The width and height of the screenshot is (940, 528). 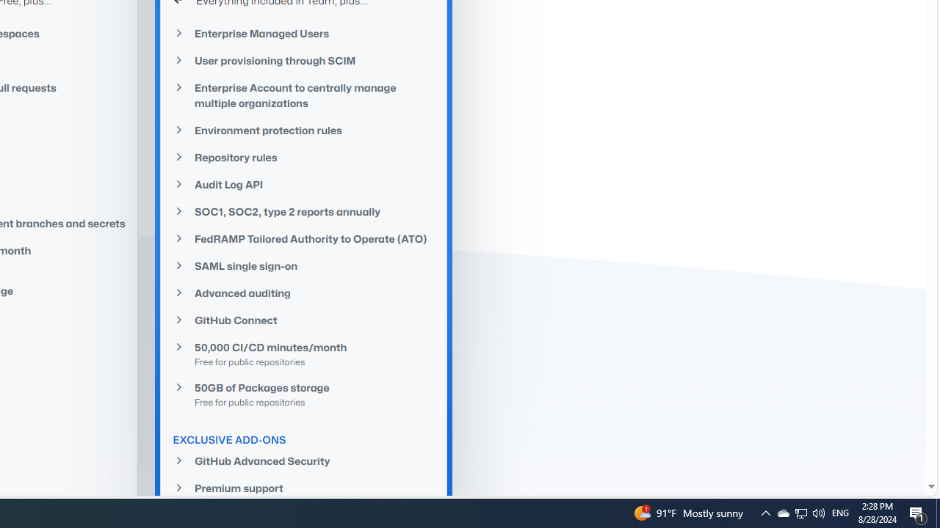 I want to click on 'FedRAMP Tailored Authority to Operate (ATO)', so click(x=303, y=238).